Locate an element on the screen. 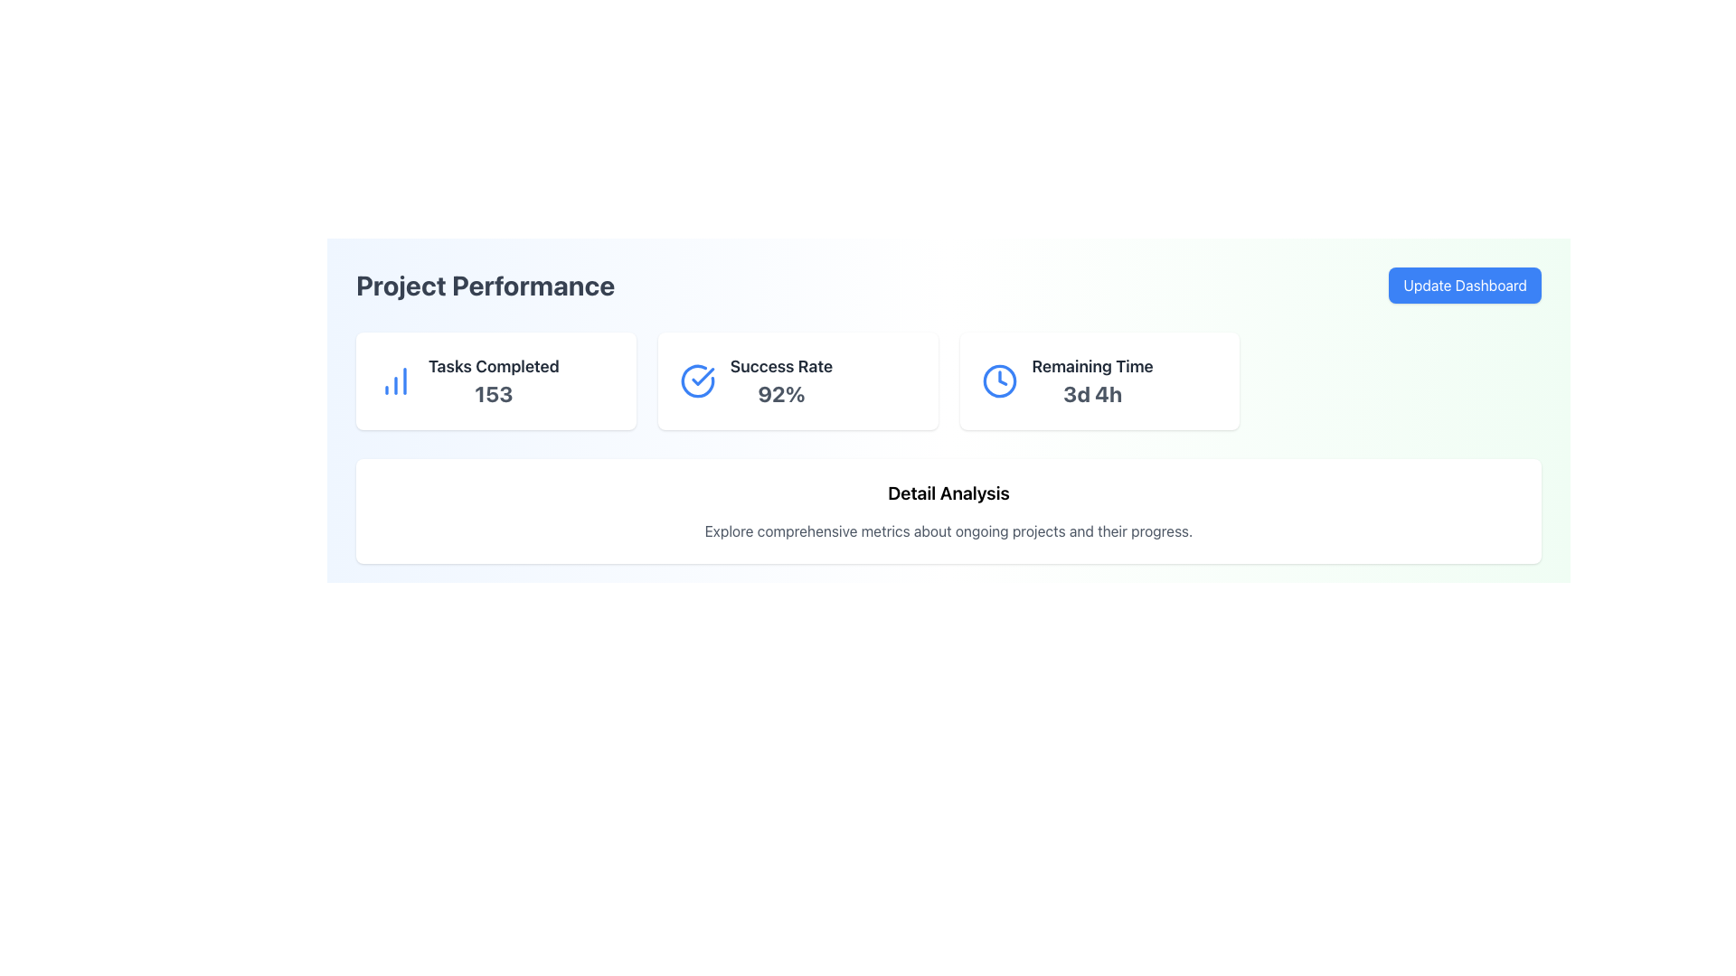 Image resolution: width=1736 pixels, height=976 pixels. the chart icon representing grouped bars located within the 'Tasks Completed' card on the dashboard interface is located at coordinates (394, 380).